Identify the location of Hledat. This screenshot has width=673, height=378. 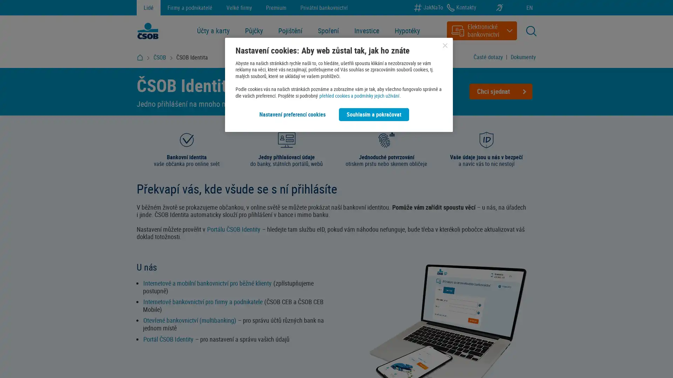
(499, 60).